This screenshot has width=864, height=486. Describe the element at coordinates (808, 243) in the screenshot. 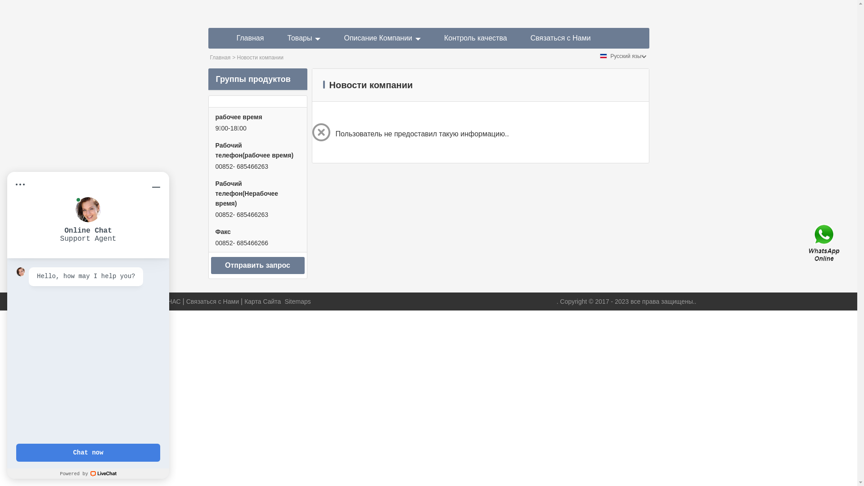

I see `'Contact Us'` at that location.